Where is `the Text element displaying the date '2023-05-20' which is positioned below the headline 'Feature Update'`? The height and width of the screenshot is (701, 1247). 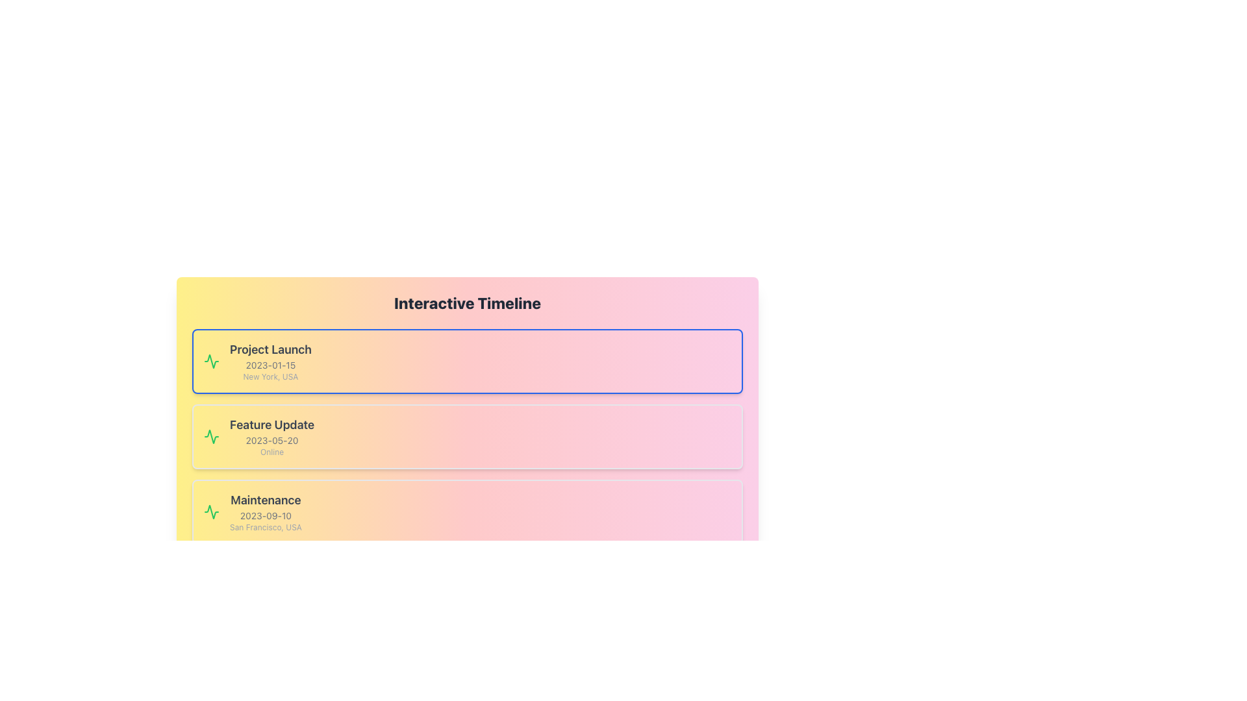
the Text element displaying the date '2023-05-20' which is positioned below the headline 'Feature Update' is located at coordinates (271, 439).